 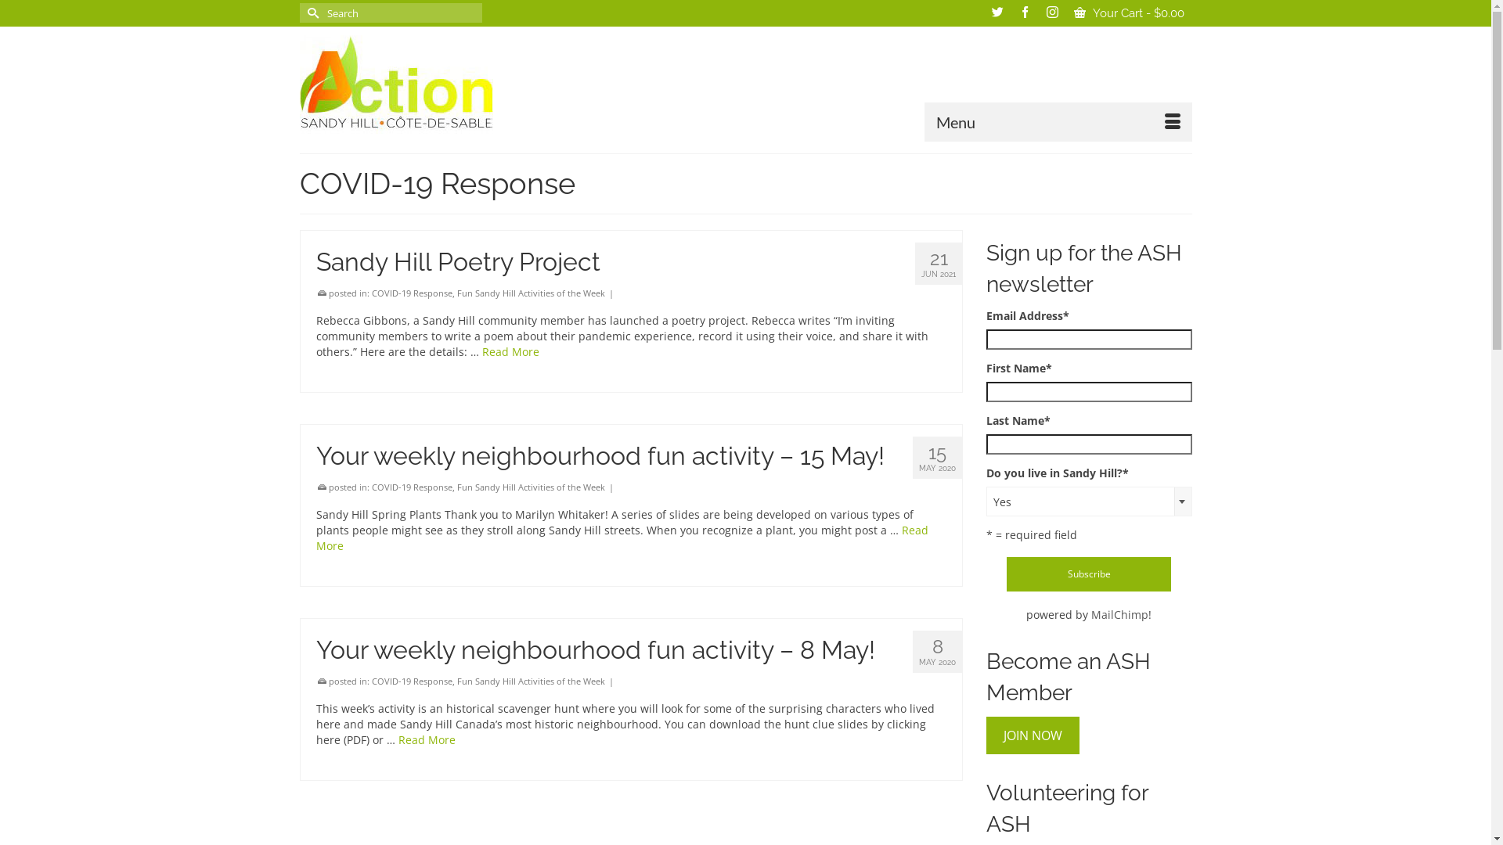 What do you see at coordinates (1119, 613) in the screenshot?
I see `'MailChimp'` at bounding box center [1119, 613].